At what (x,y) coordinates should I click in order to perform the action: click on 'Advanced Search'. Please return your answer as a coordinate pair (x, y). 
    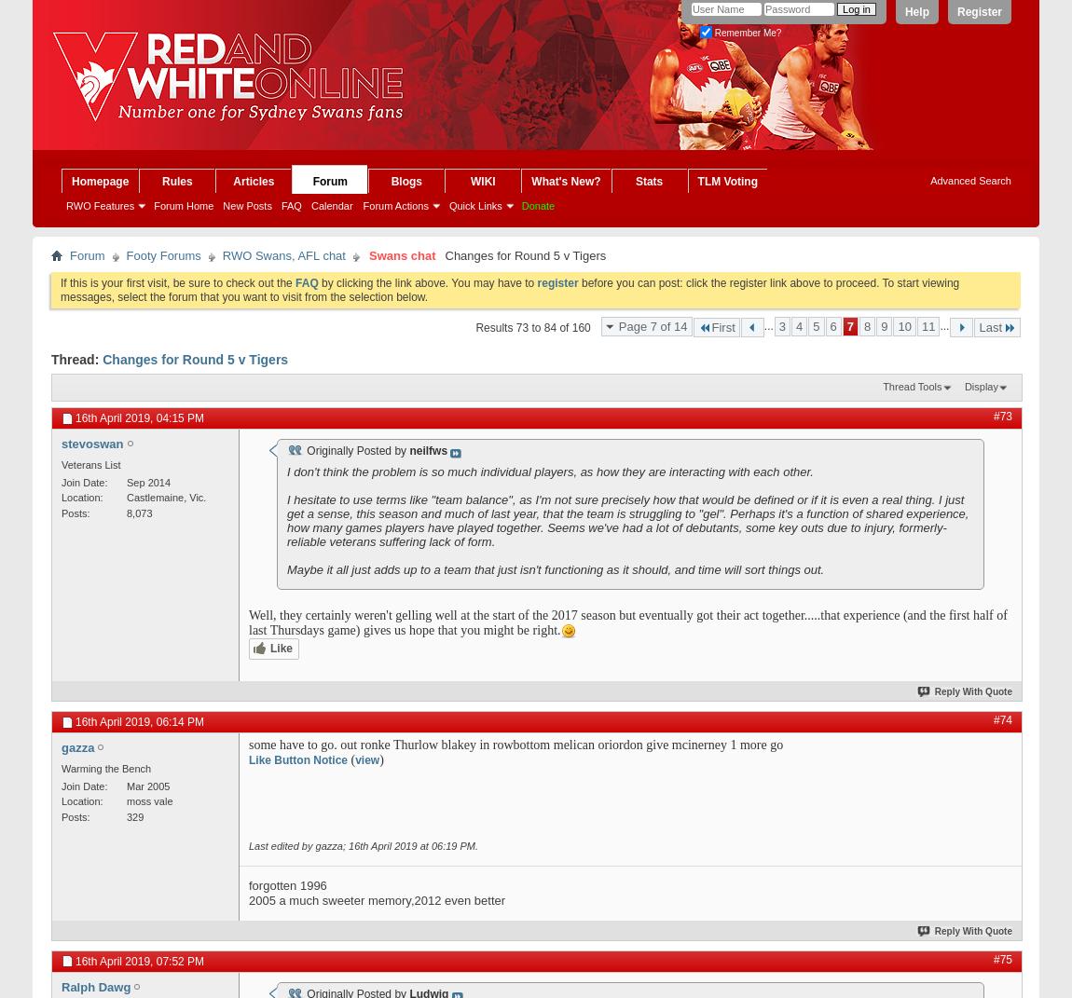
    Looking at the image, I should click on (970, 179).